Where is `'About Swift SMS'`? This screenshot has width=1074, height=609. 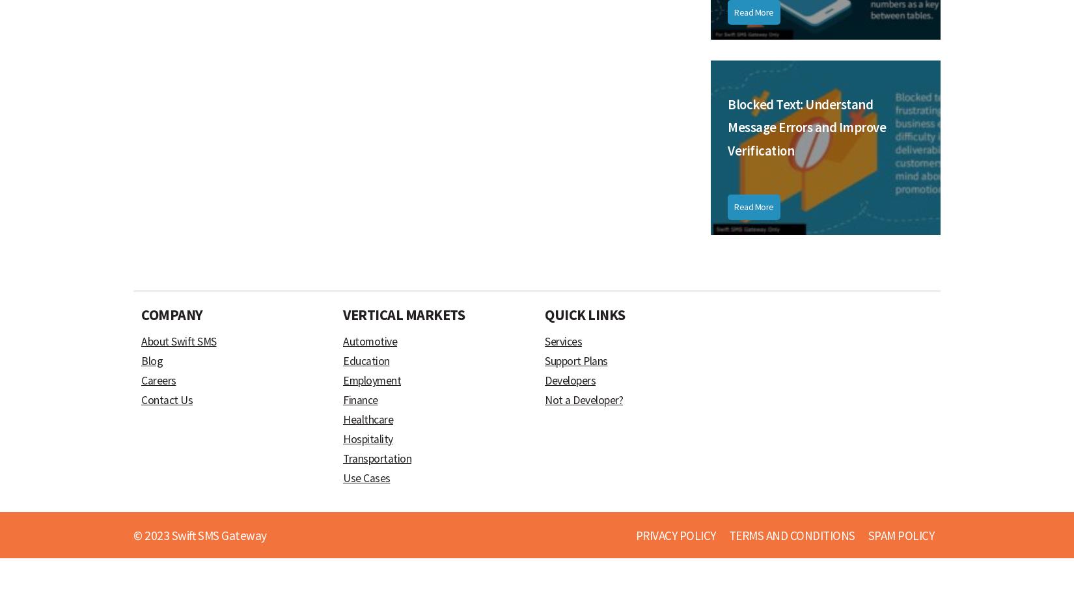
'About Swift SMS' is located at coordinates (141, 342).